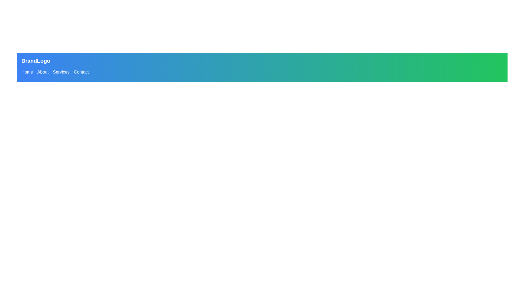  What do you see at coordinates (61, 72) in the screenshot?
I see `the third hyperlink in the navigation menu` at bounding box center [61, 72].